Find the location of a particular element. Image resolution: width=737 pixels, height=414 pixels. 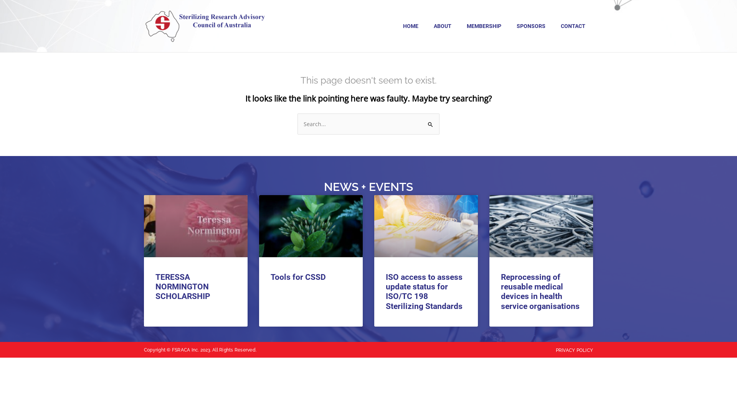

'TERESSA NORMINGTON SCHOLARSHIP' is located at coordinates (182, 287).